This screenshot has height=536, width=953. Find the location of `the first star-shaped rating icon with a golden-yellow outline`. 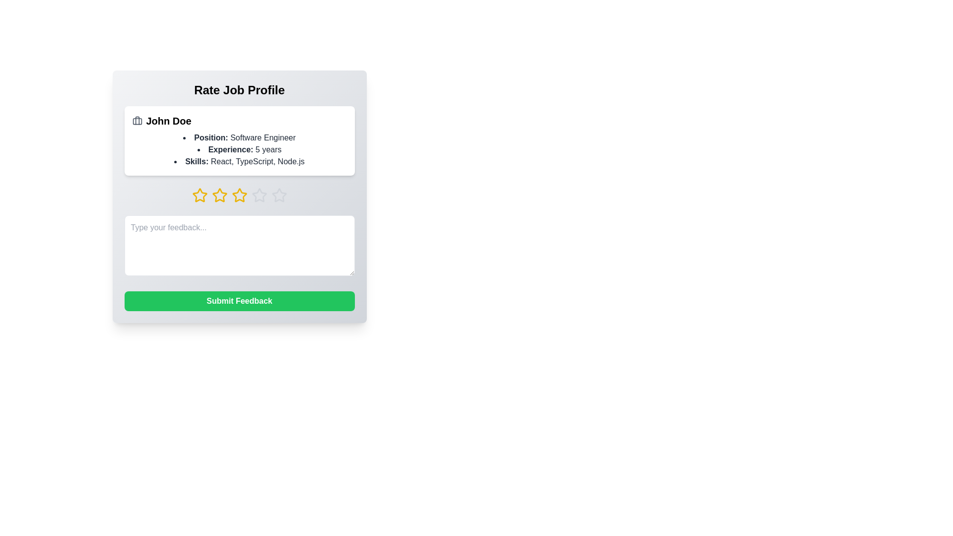

the first star-shaped rating icon with a golden-yellow outline is located at coordinates (199, 195).